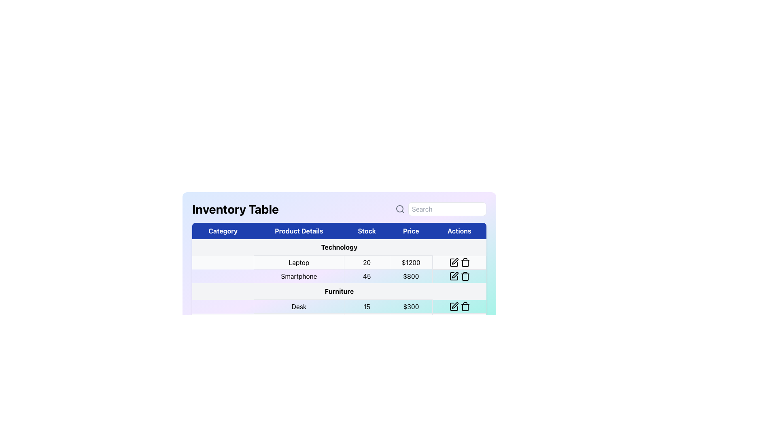 The image size is (777, 437). What do you see at coordinates (339, 247) in the screenshot?
I see `the Table Section Header labeled 'Technology', which is bolded and has a light gray background, located in the first row of the table's body section` at bounding box center [339, 247].